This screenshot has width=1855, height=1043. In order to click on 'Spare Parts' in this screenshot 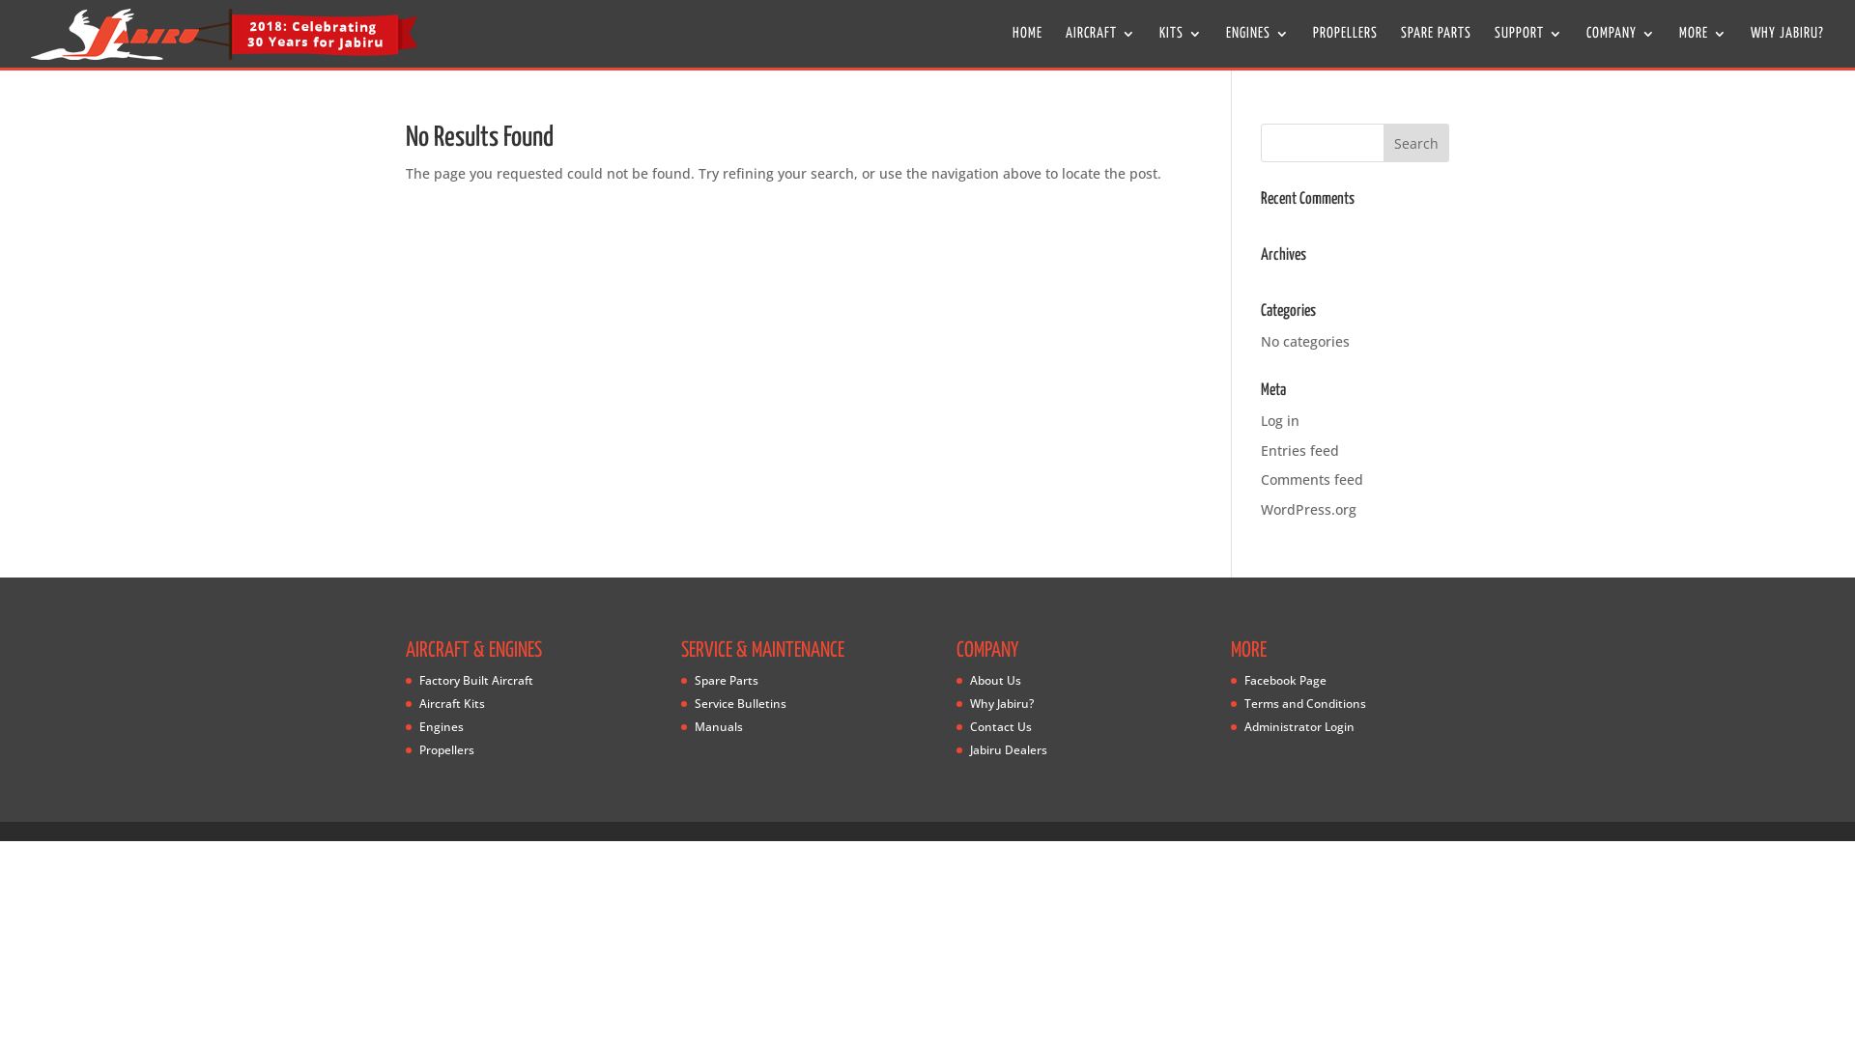, I will do `click(726, 679)`.